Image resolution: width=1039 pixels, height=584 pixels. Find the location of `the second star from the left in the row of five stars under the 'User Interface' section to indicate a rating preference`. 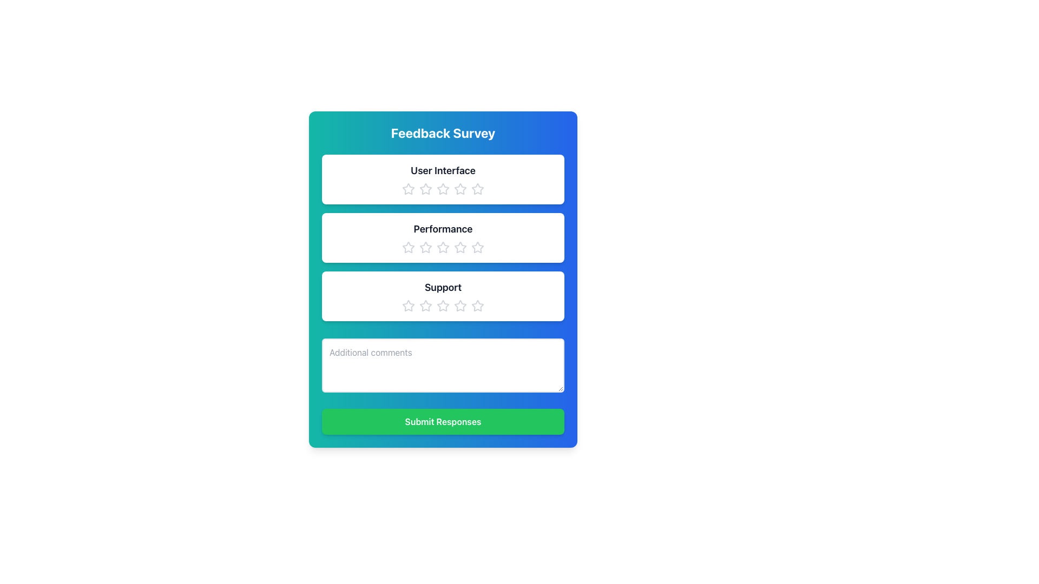

the second star from the left in the row of five stars under the 'User Interface' section to indicate a rating preference is located at coordinates (425, 188).